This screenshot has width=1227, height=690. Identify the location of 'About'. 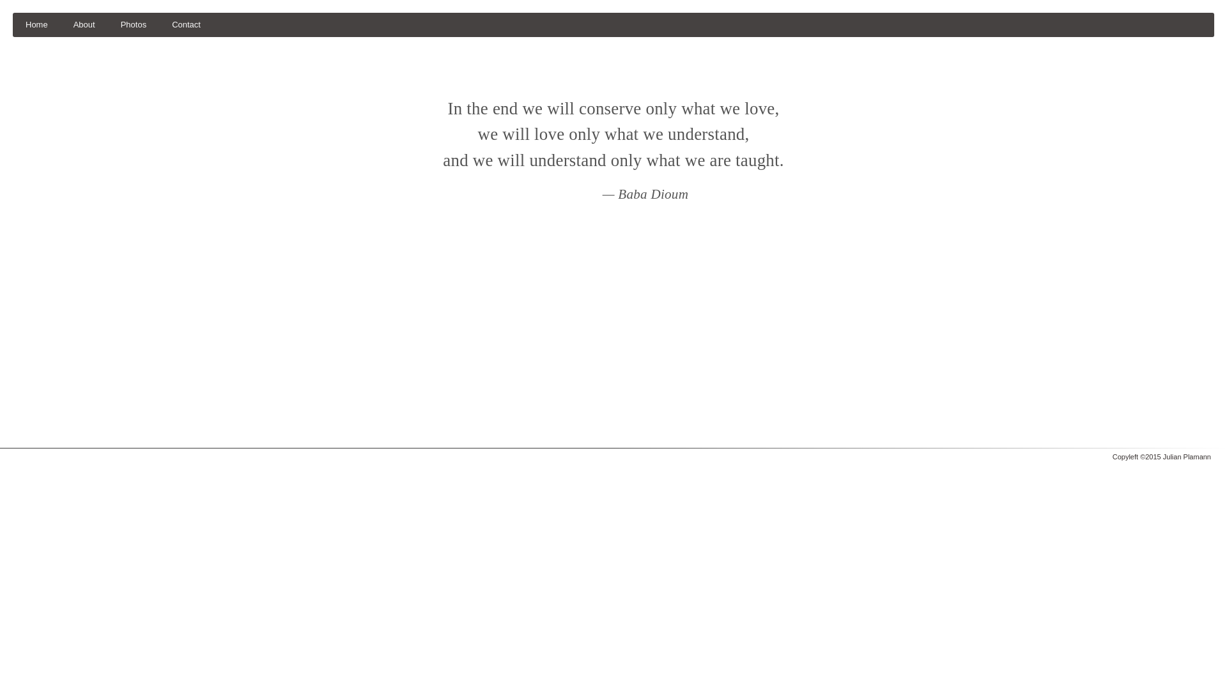
(60, 24).